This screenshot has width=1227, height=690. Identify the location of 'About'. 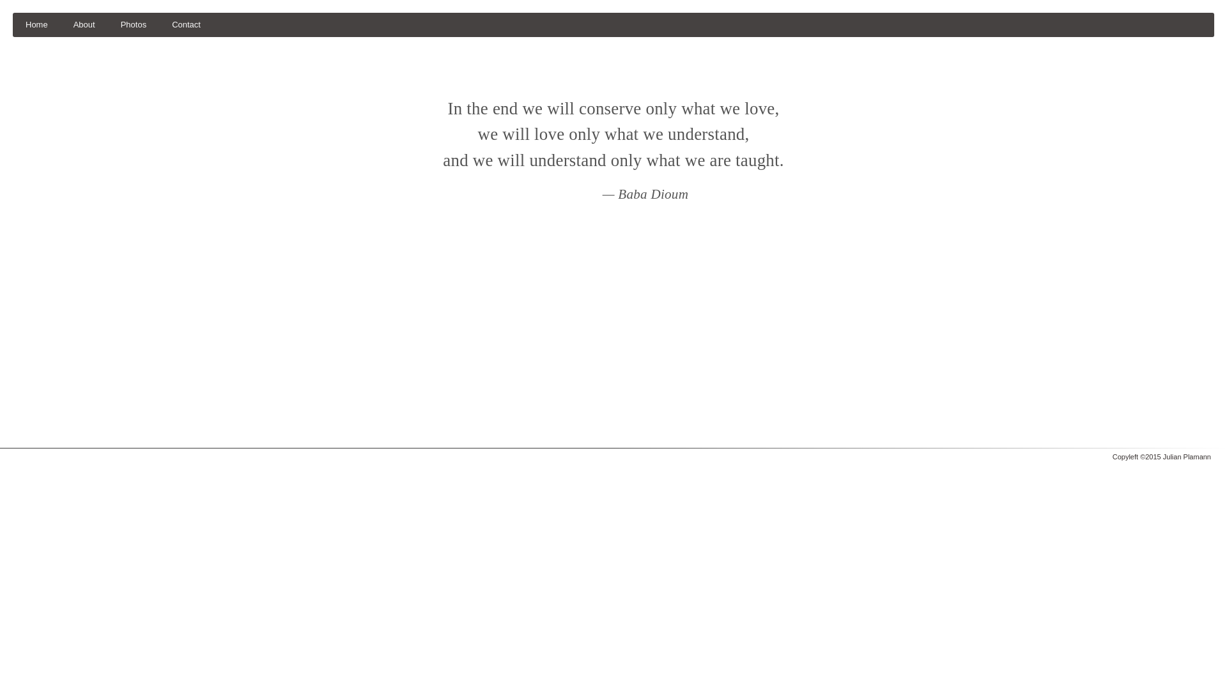
(60, 24).